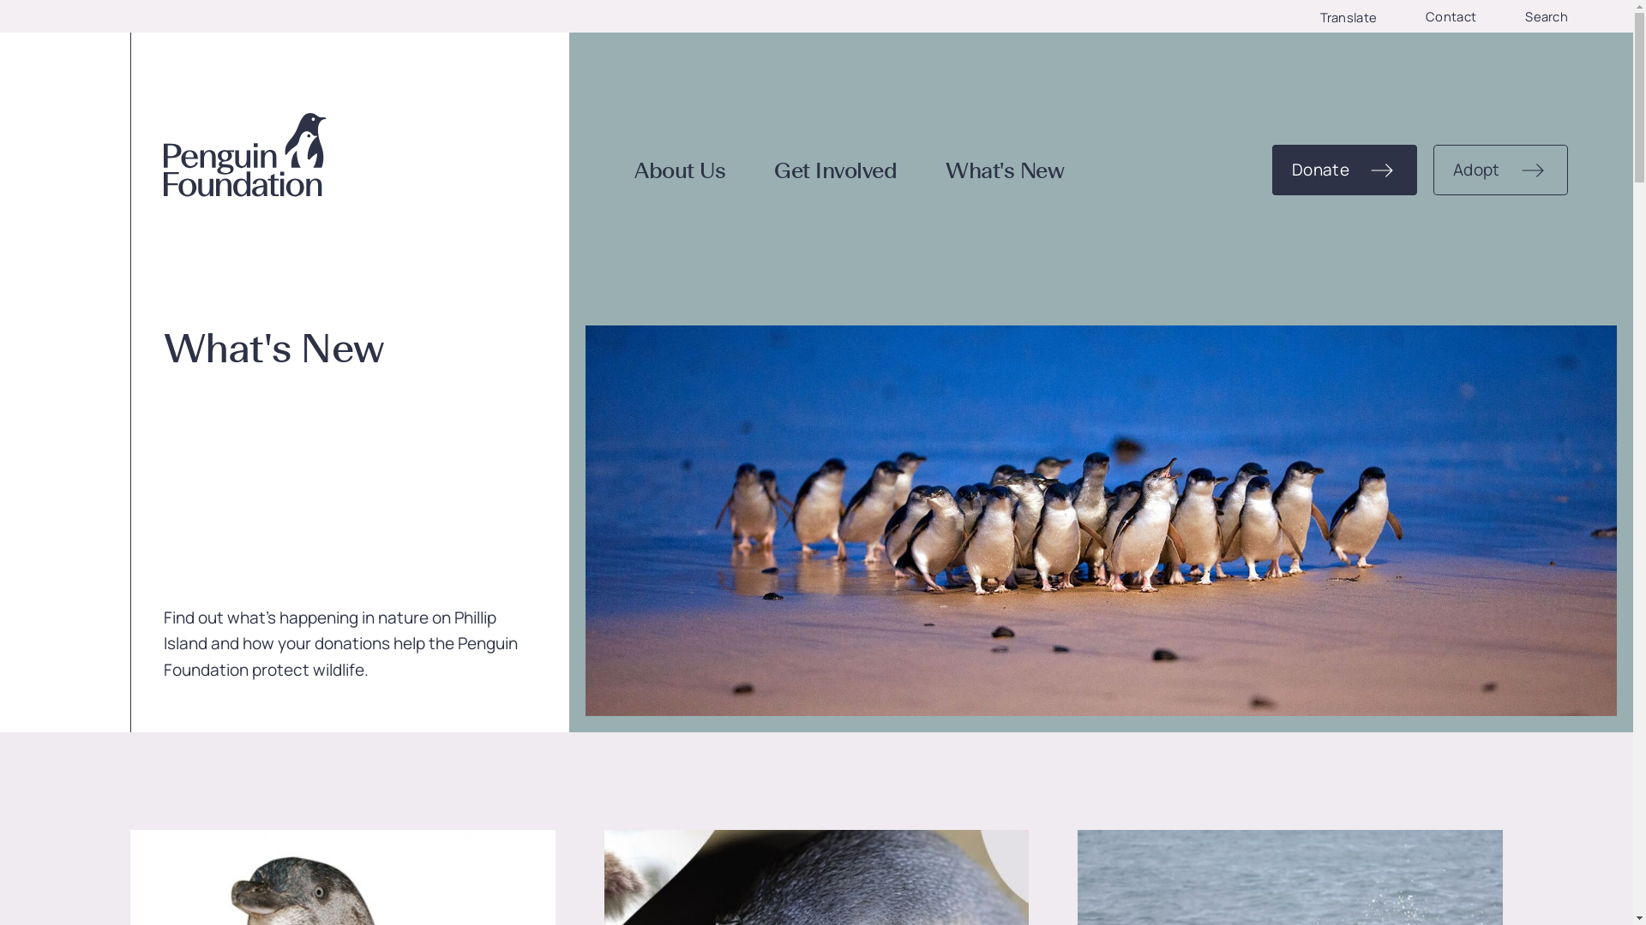 This screenshot has width=1646, height=925. I want to click on 'Get Involved', so click(835, 171).